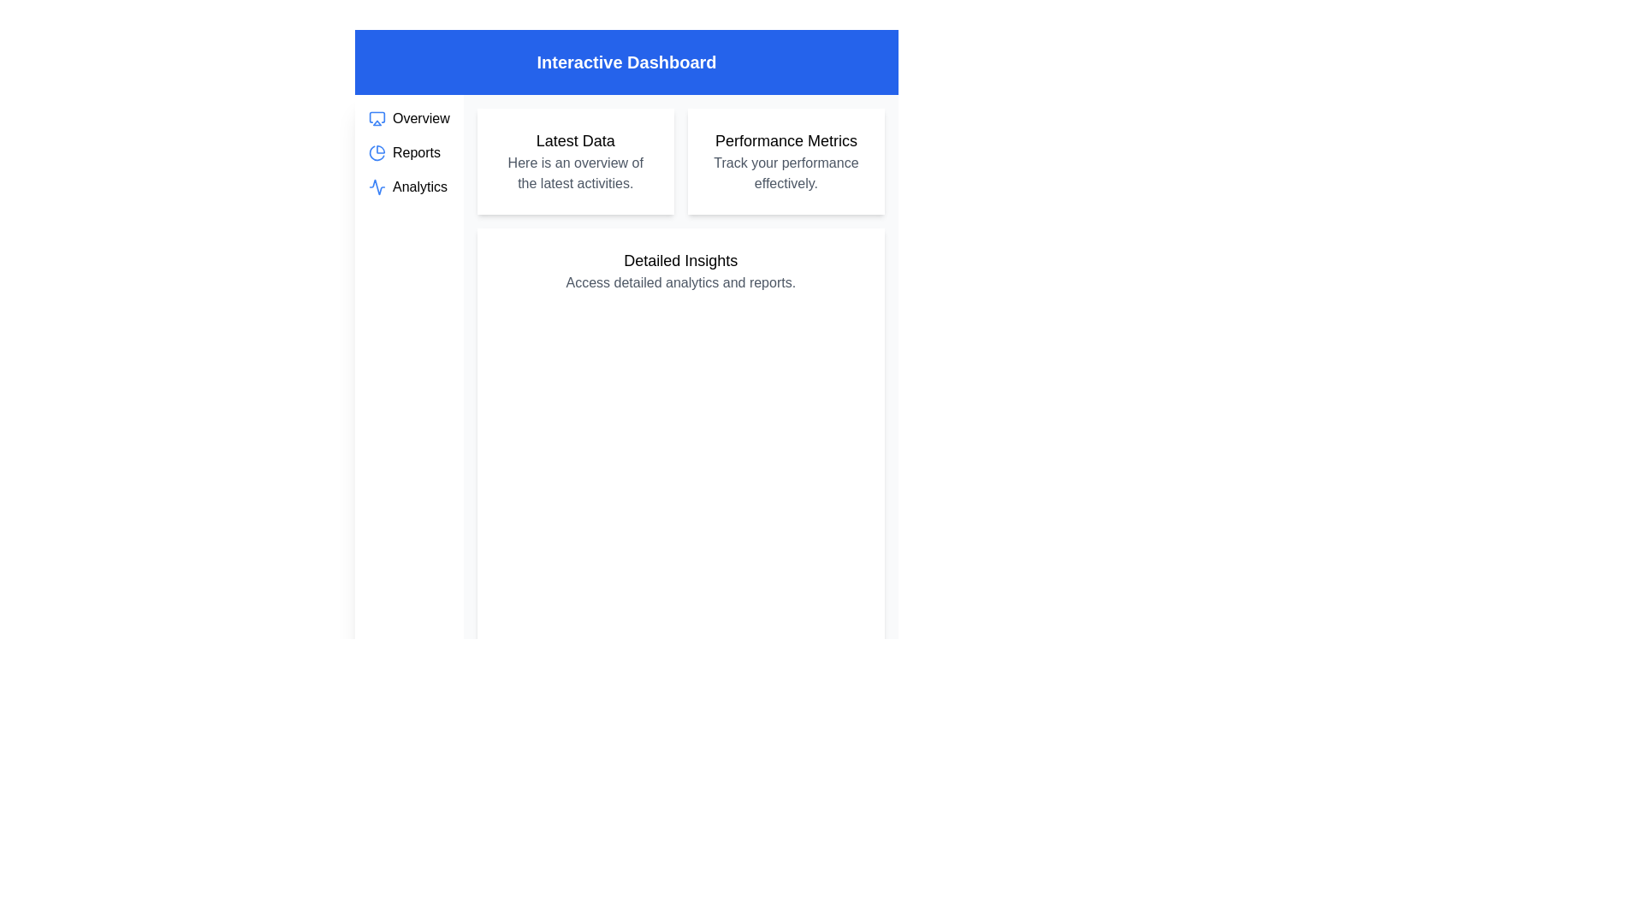  I want to click on the 'Reports' icon located in the sidebar navigation menu, so click(377, 151).